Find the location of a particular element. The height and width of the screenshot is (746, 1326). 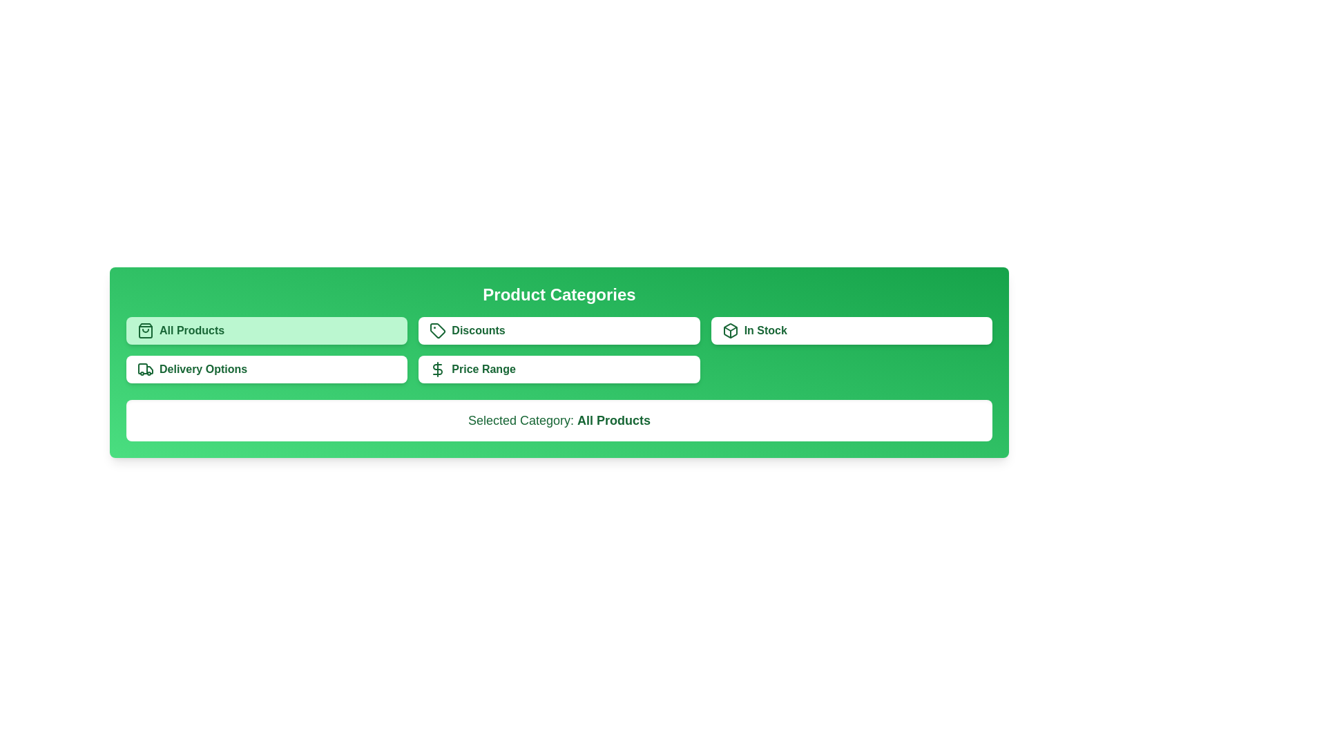

the box-shaped icon with a green outline resembling a cube, located to the left of the 'In Stock' text in the top-right corner of the green card is located at coordinates (729, 330).